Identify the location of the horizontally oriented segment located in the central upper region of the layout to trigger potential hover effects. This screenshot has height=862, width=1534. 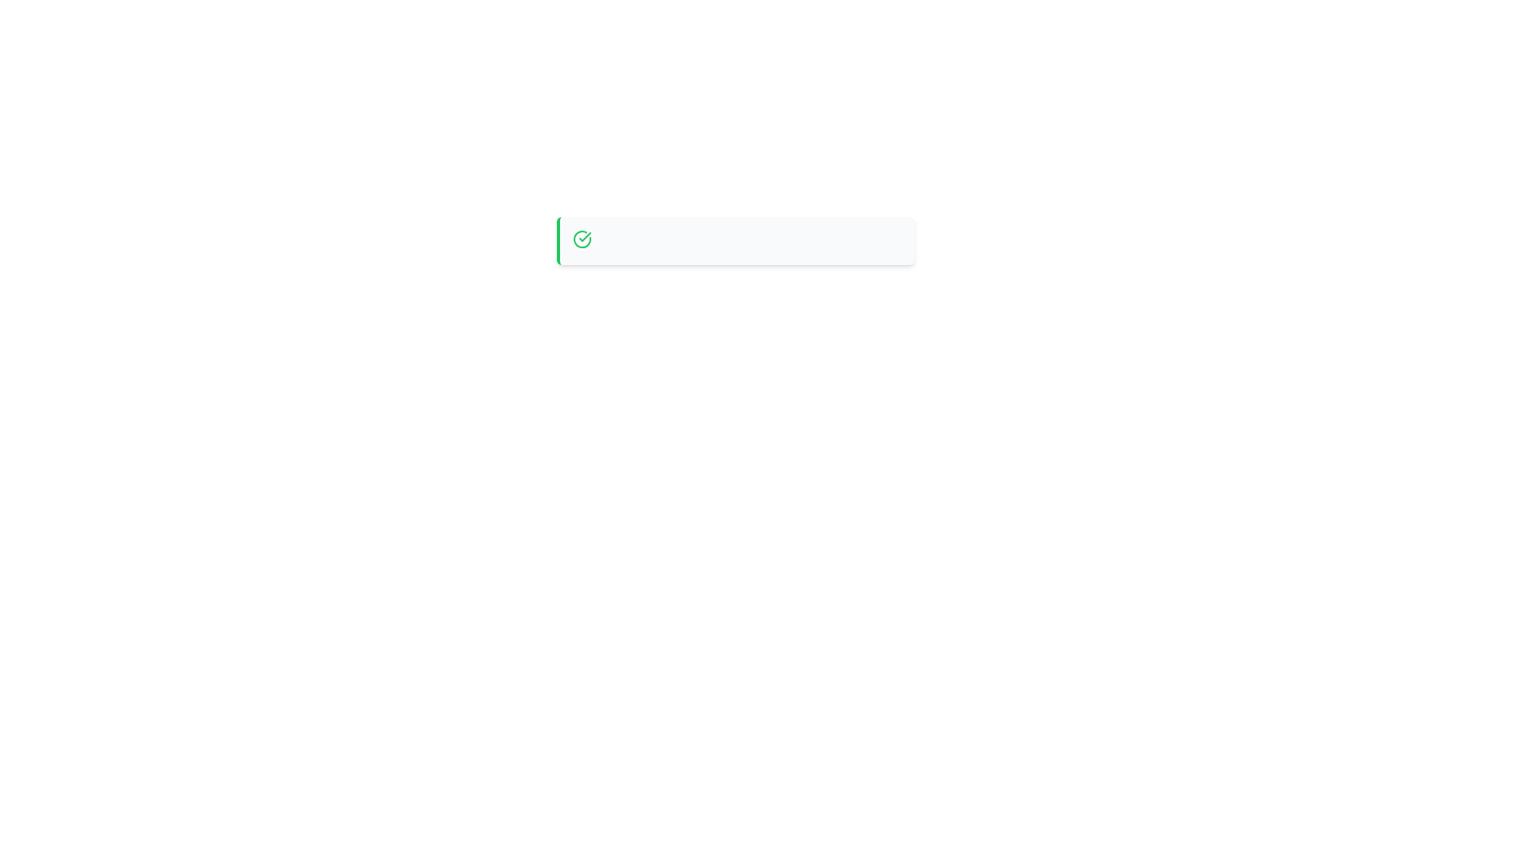
(752, 240).